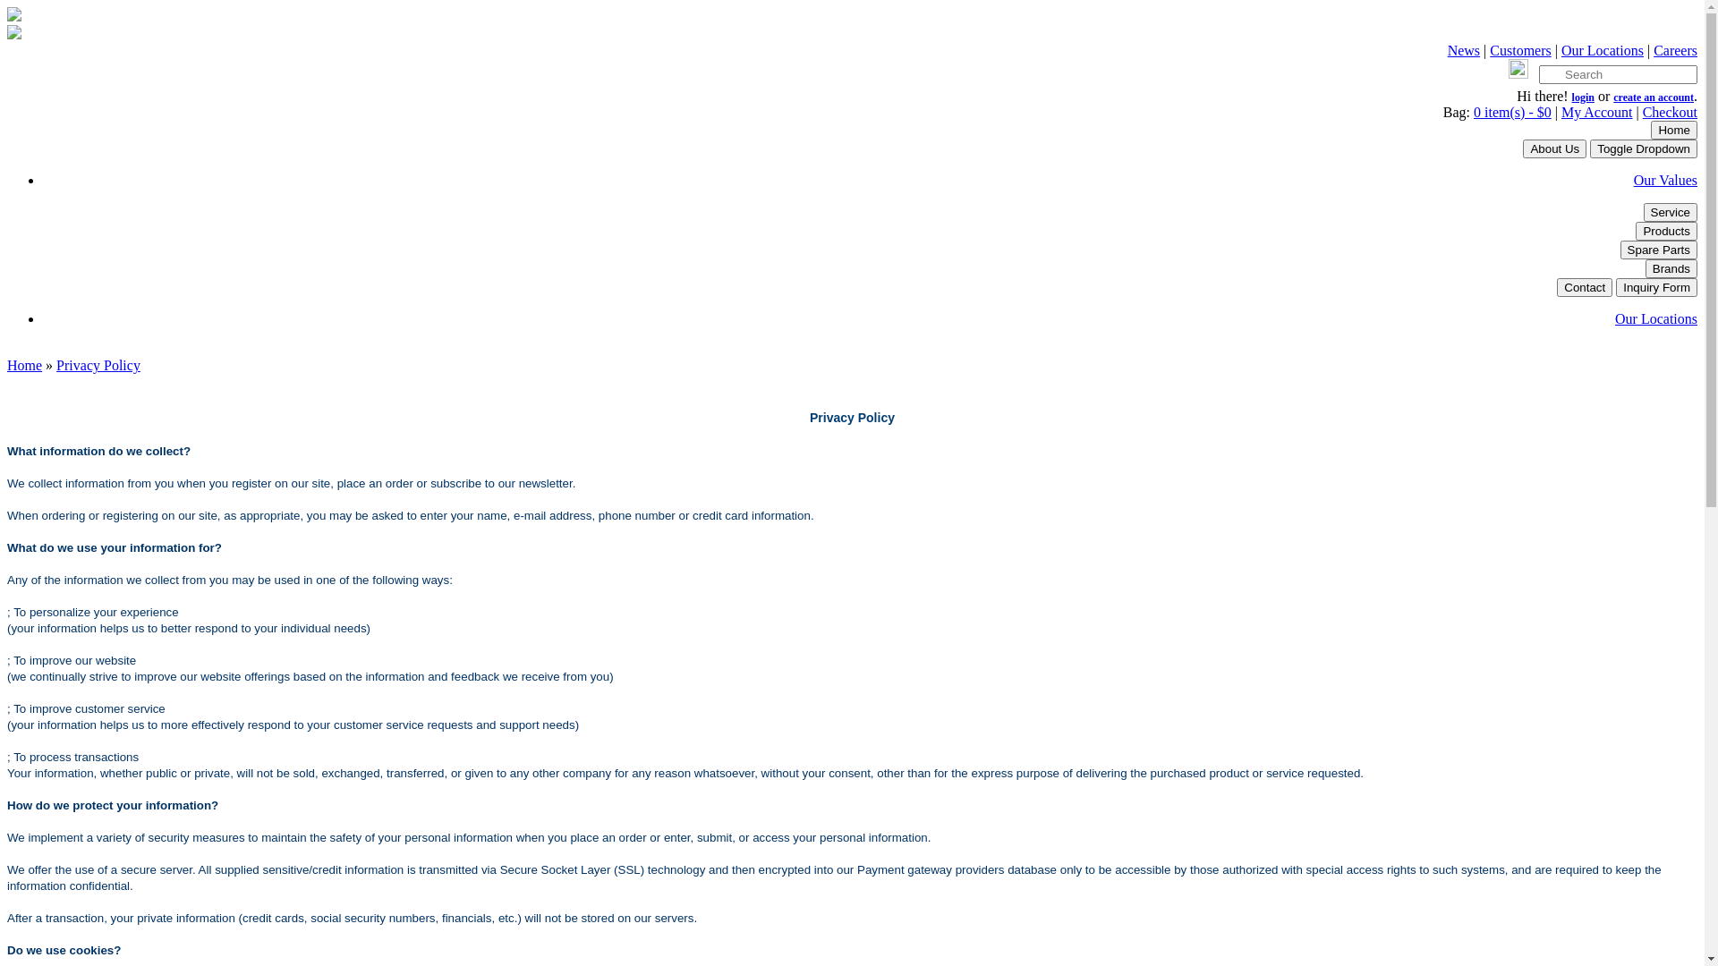  I want to click on 'My Account', so click(1597, 112).